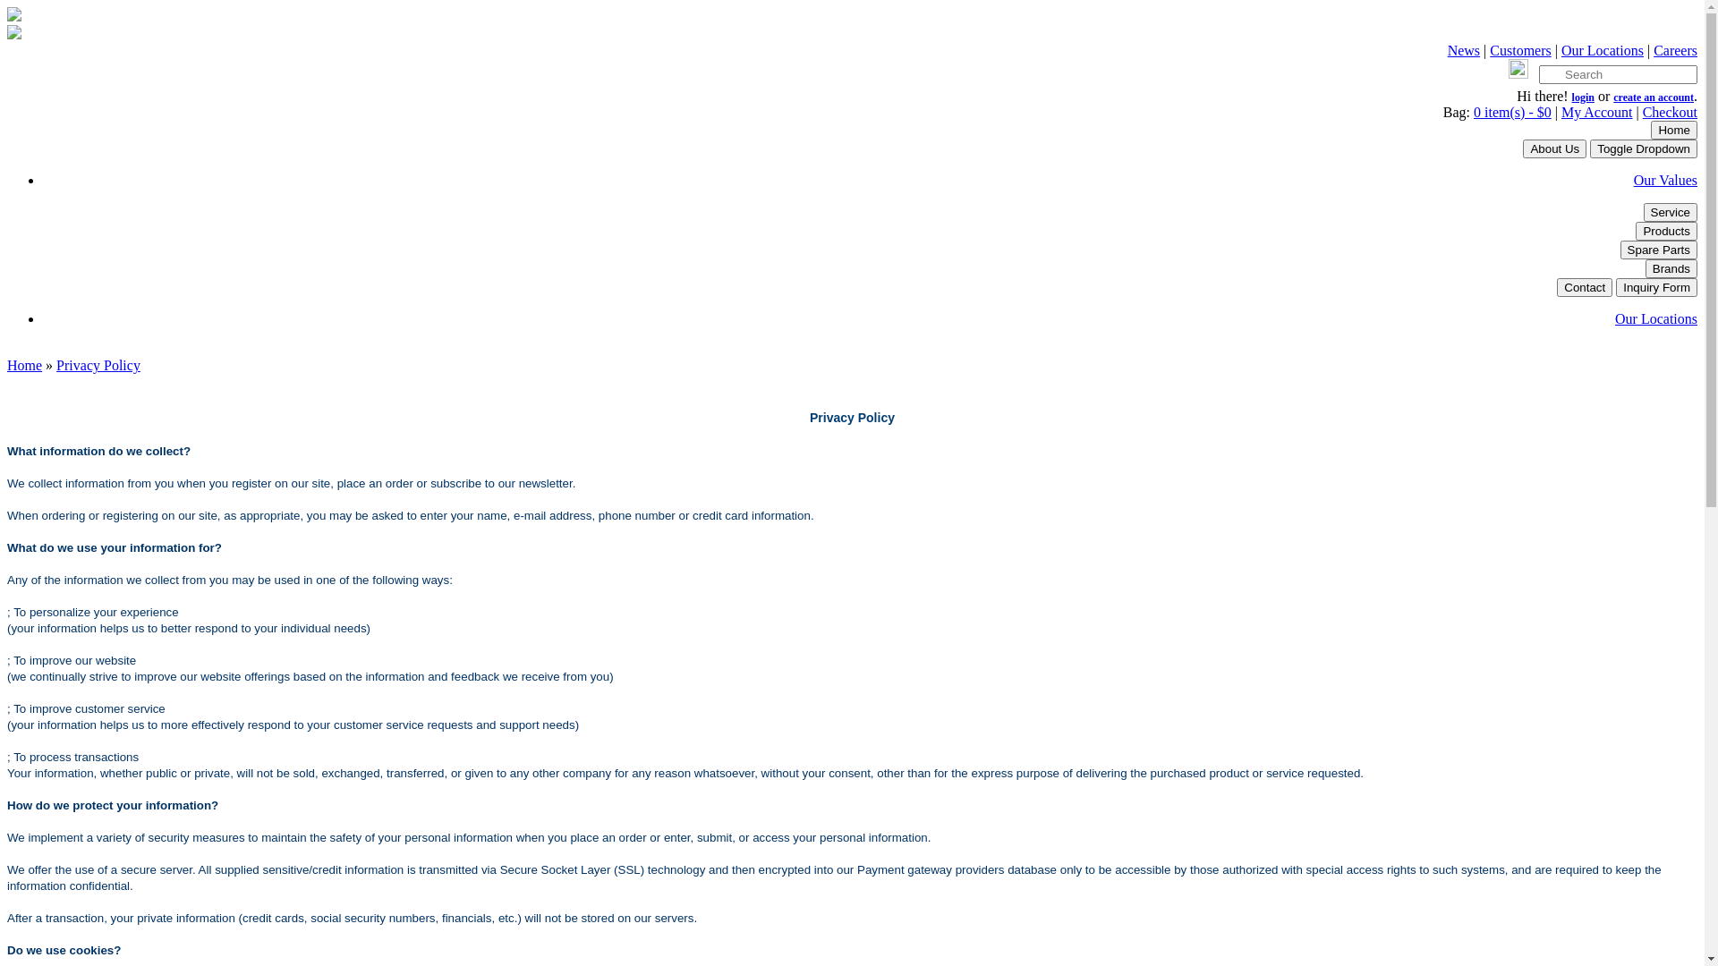  I want to click on 'My Account', so click(1597, 112).